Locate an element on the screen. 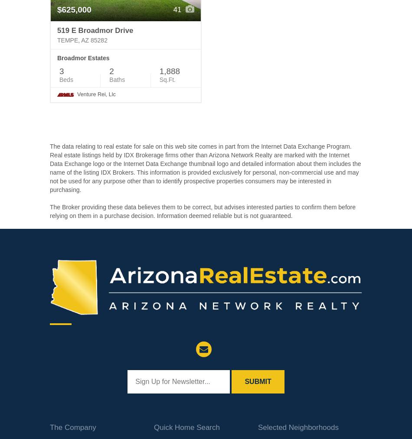 This screenshot has width=412, height=439. 'Tempe,  AZ 85282' is located at coordinates (82, 39).